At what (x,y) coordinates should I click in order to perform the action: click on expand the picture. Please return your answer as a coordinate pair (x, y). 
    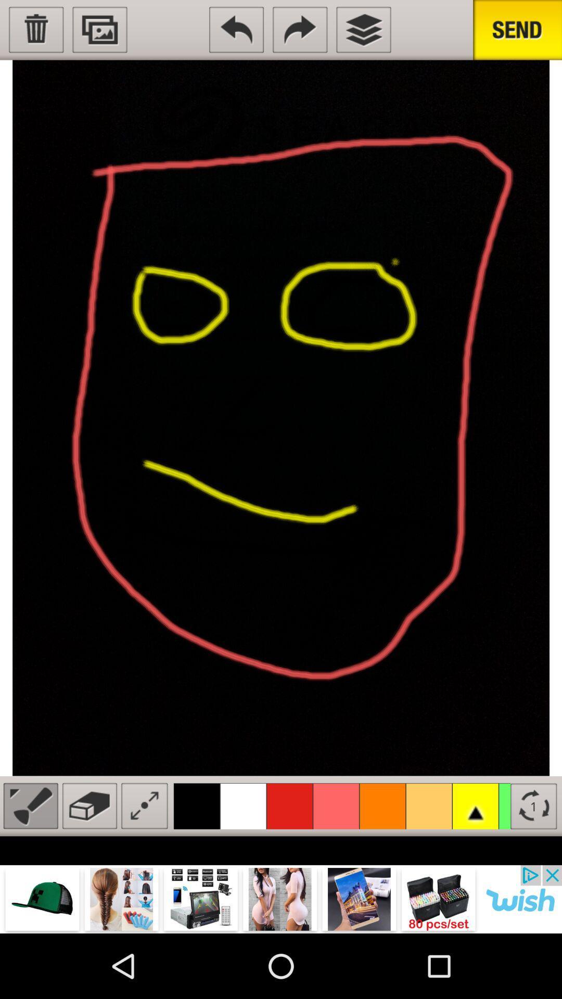
    Looking at the image, I should click on (144, 805).